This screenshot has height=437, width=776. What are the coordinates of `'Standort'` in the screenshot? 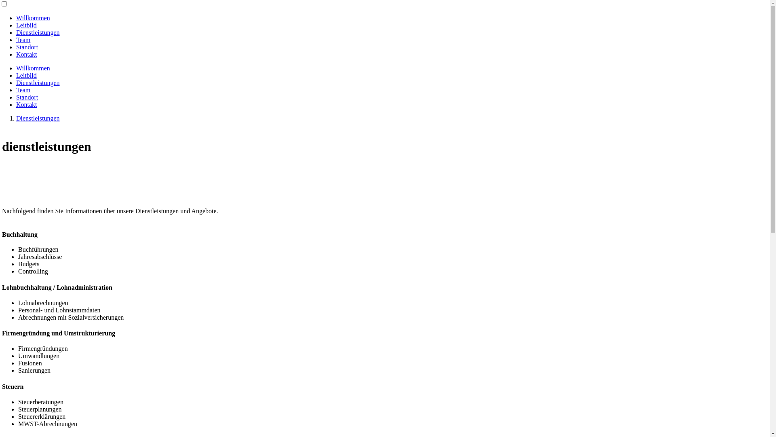 It's located at (27, 97).